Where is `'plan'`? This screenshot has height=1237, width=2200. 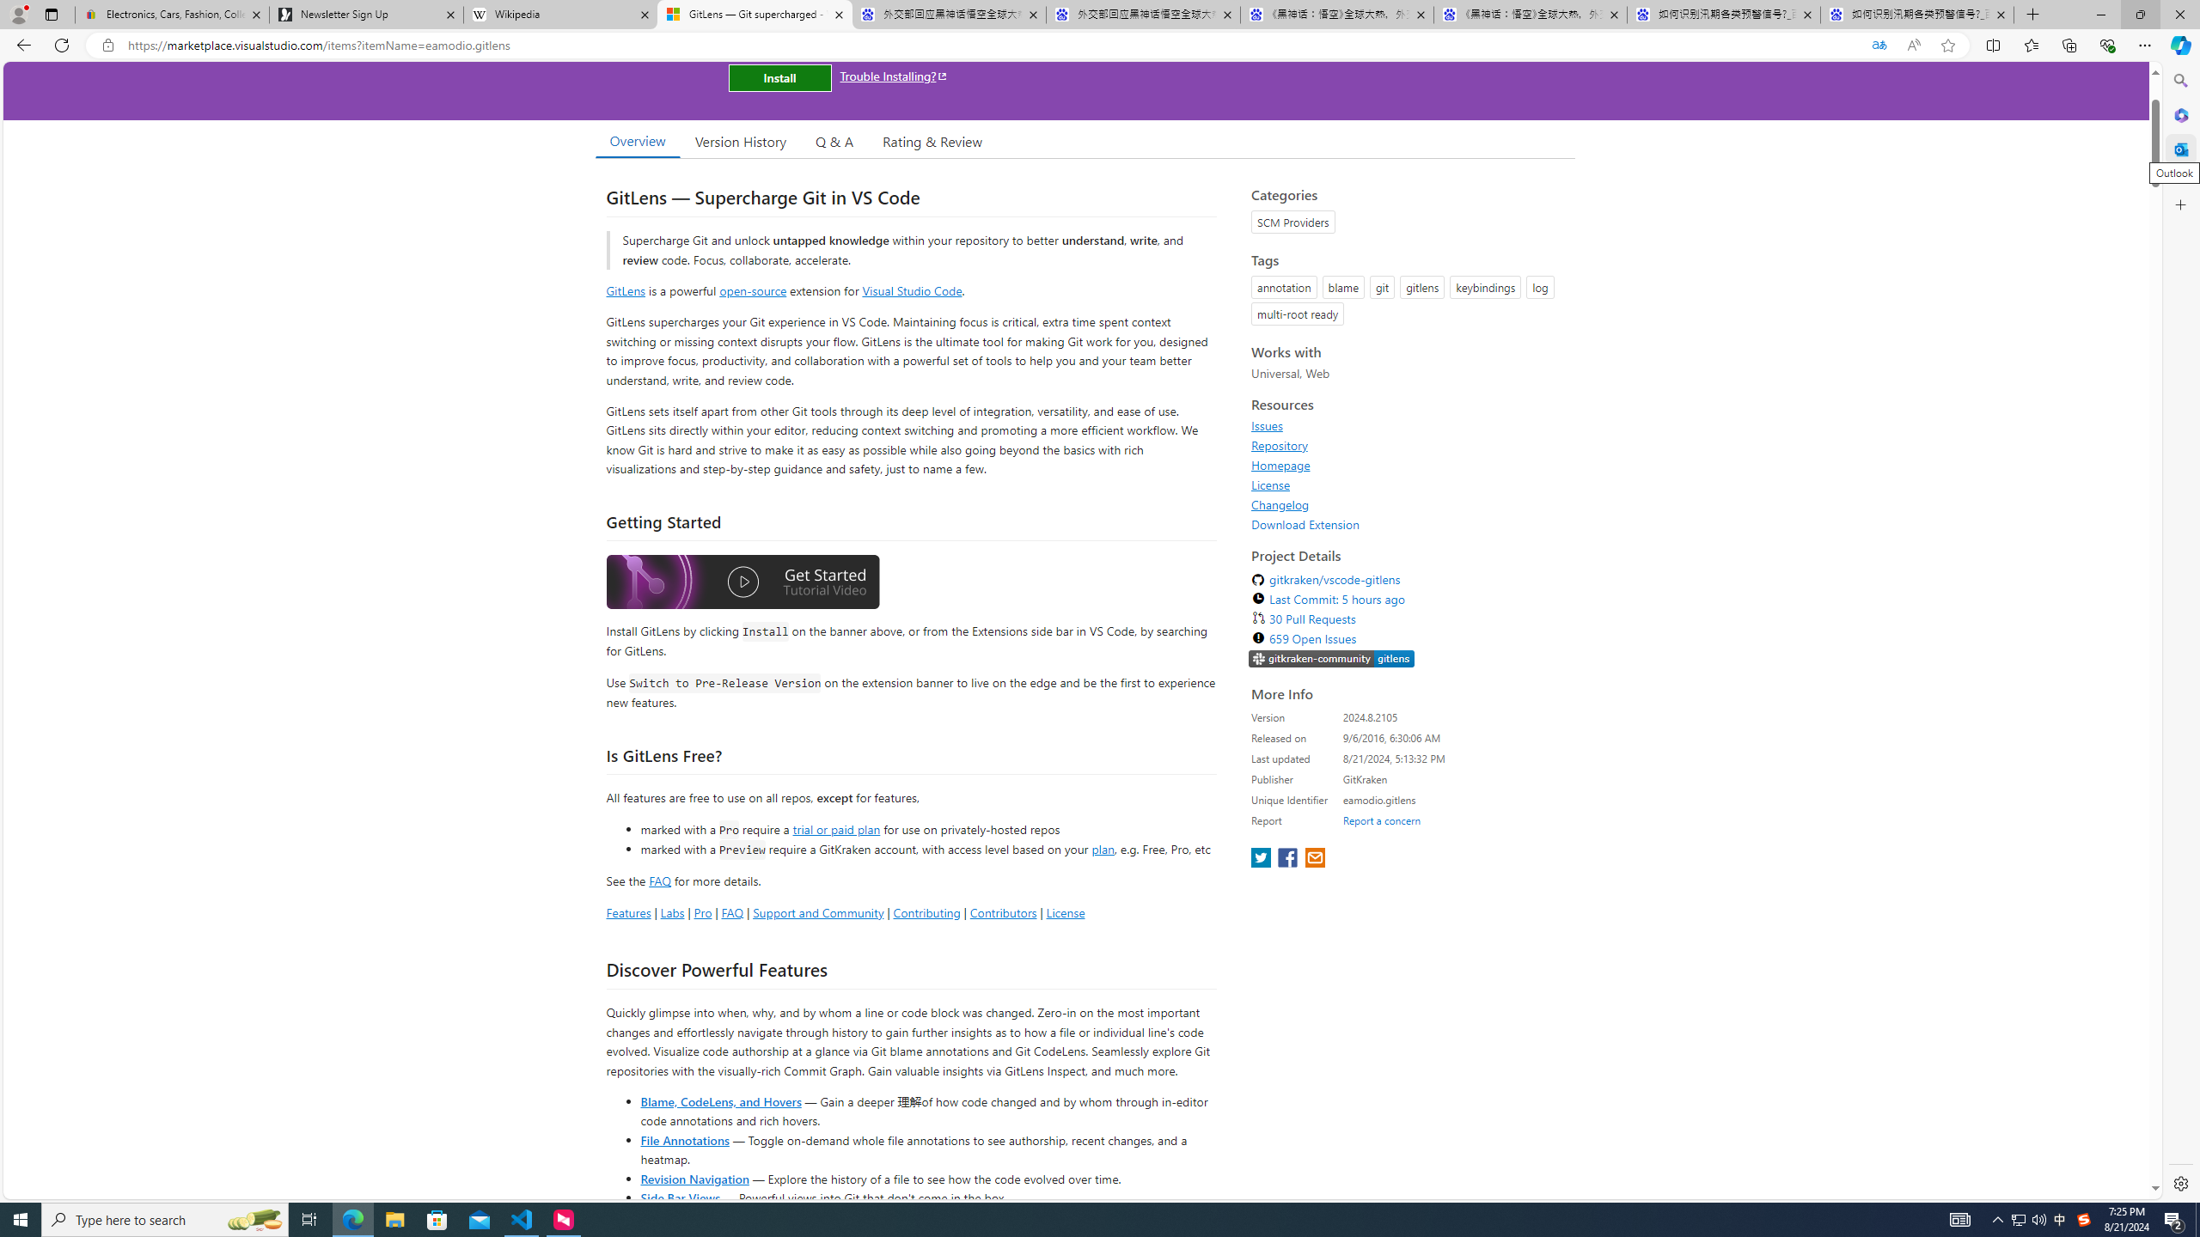 'plan' is located at coordinates (1103, 849).